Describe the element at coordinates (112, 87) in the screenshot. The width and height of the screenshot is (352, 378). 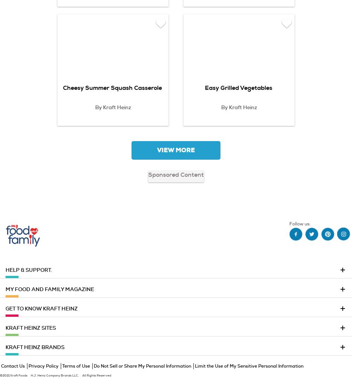
I see `'Cheesy Summer Squash Casserole'` at that location.